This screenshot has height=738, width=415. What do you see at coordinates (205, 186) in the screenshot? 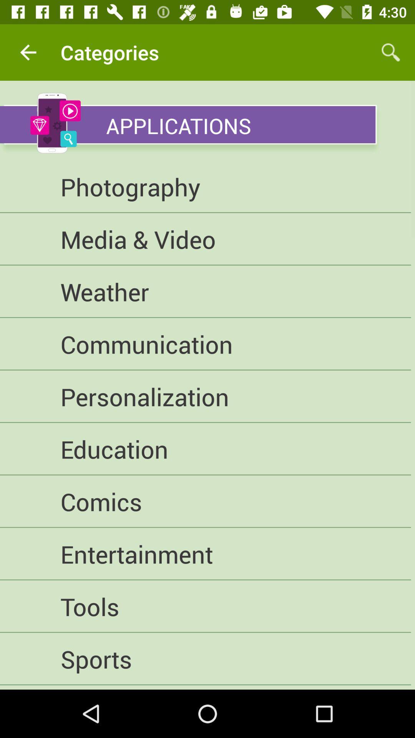
I see `the icon above the media & video` at bounding box center [205, 186].